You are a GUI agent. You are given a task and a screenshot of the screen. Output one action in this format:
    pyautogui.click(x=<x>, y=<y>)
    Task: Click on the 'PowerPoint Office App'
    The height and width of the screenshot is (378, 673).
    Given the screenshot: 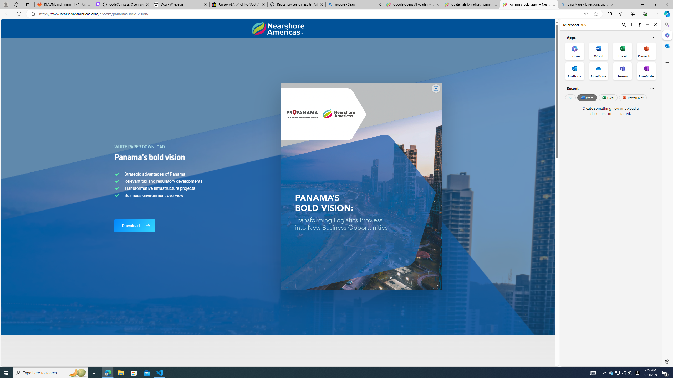 What is the action you would take?
    pyautogui.click(x=646, y=51)
    